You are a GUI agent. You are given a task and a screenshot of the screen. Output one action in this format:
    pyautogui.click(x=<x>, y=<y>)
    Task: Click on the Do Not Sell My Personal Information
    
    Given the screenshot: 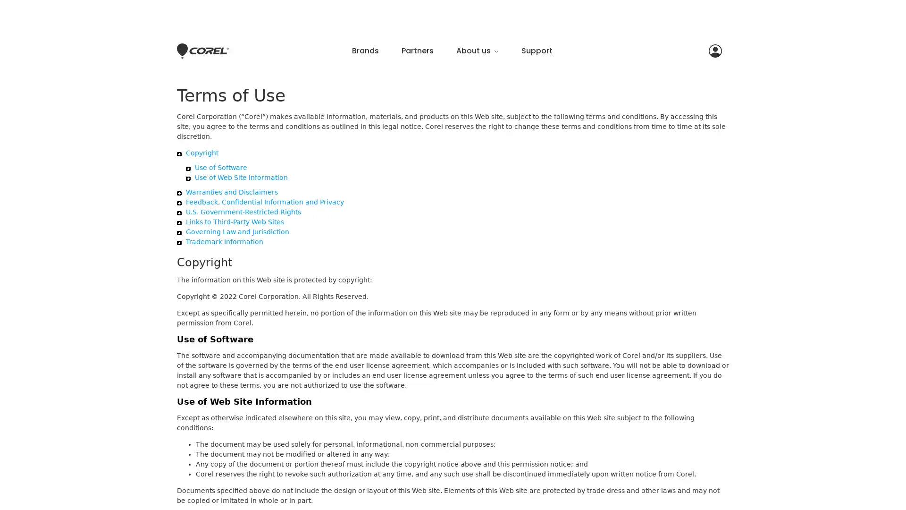 What is the action you would take?
    pyautogui.click(x=657, y=481)
    